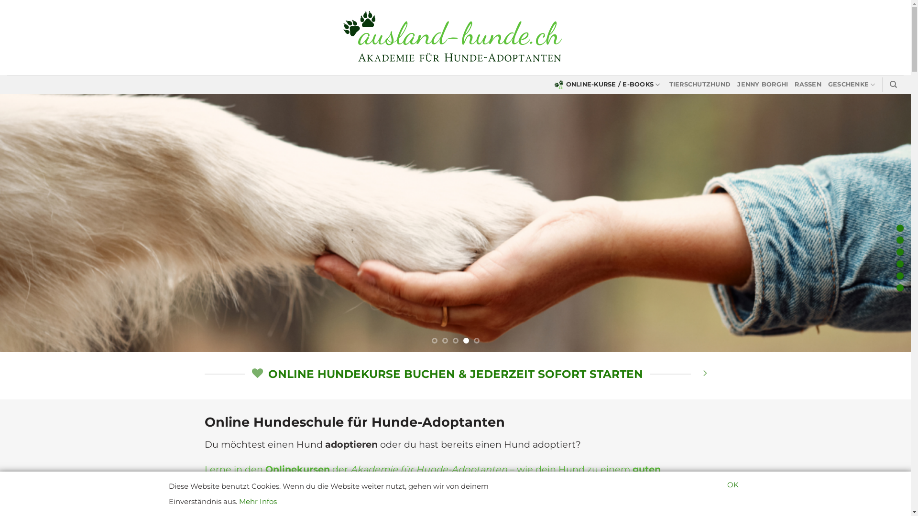  I want to click on 'ONLINE-KURSE / E-BOOKS', so click(608, 84).